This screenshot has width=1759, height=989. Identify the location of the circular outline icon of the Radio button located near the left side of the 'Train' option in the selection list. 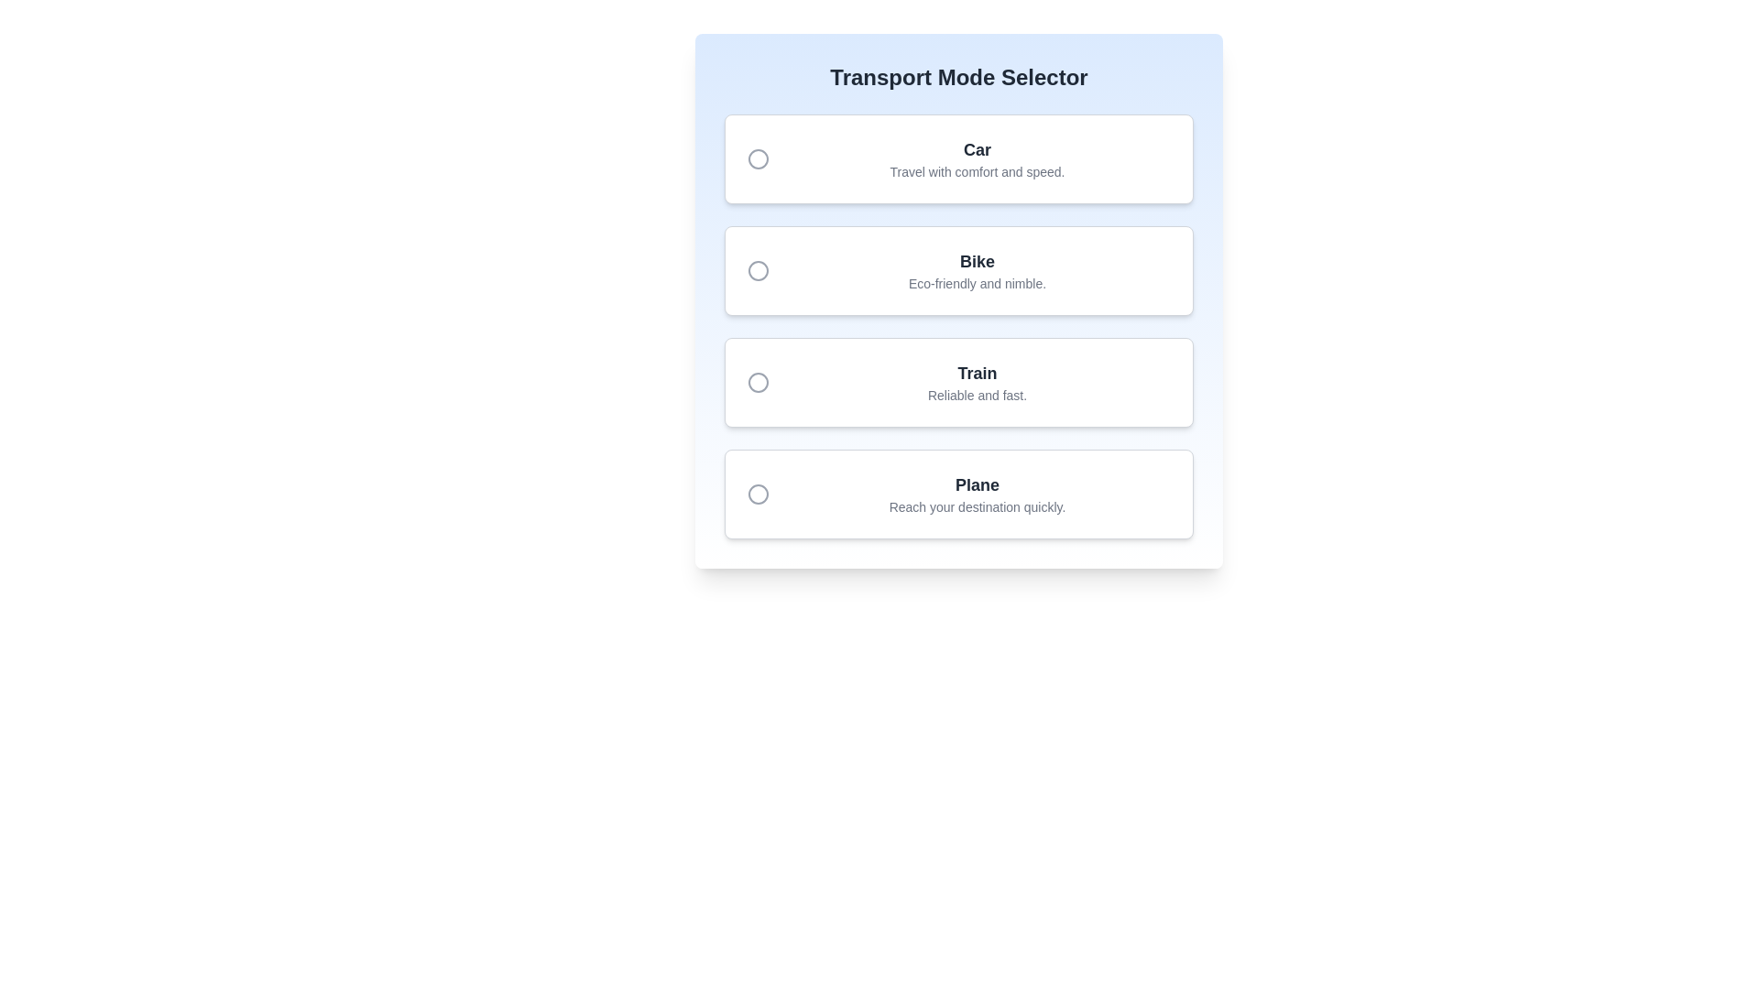
(759, 381).